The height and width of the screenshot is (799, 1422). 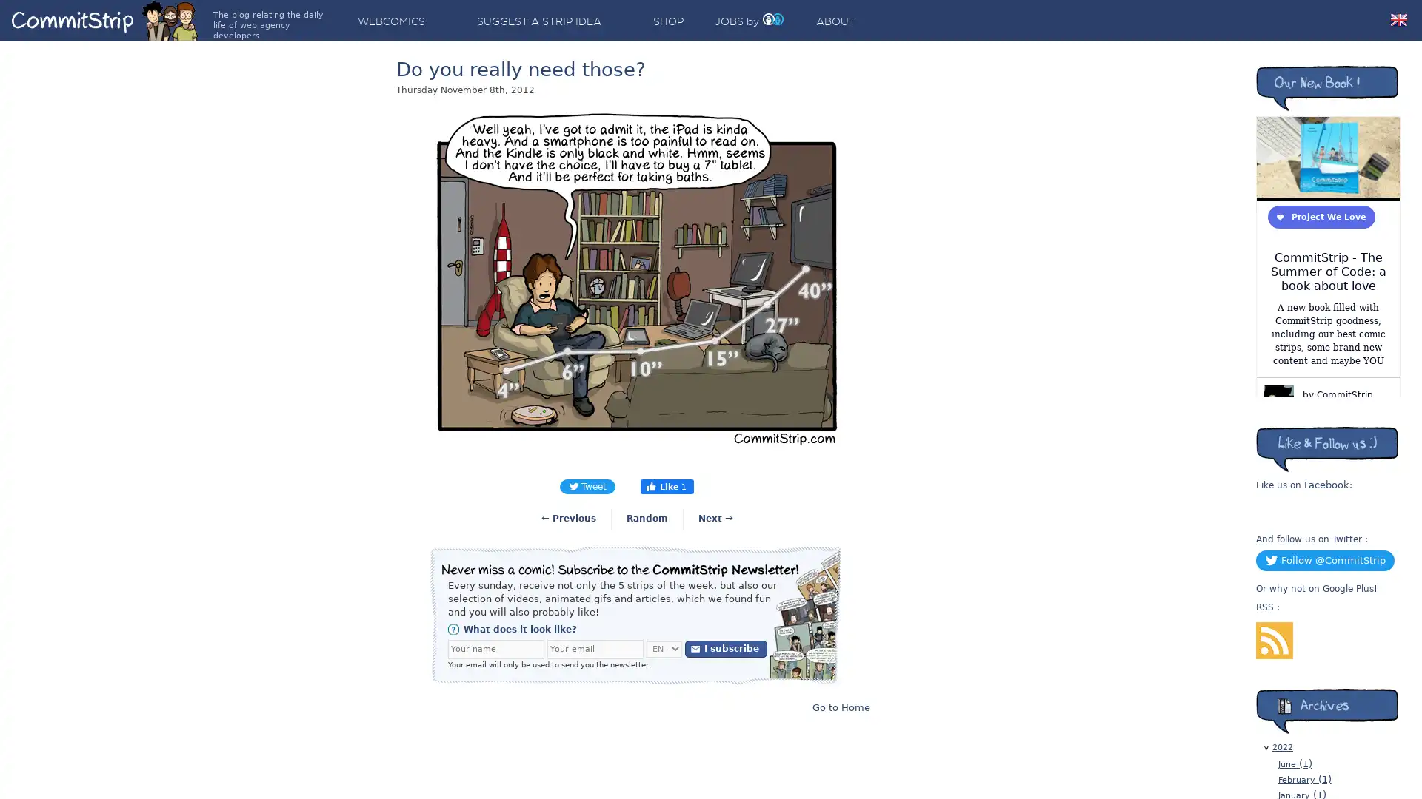 I want to click on I subscribe, so click(x=726, y=647).